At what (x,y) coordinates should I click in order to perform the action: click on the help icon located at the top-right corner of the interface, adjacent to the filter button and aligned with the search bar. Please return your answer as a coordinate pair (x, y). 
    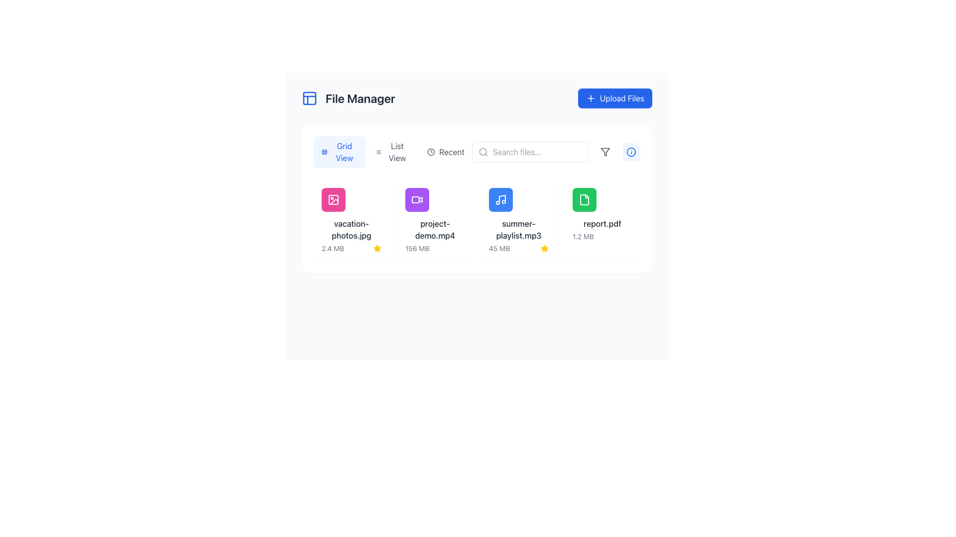
    Looking at the image, I should click on (630, 152).